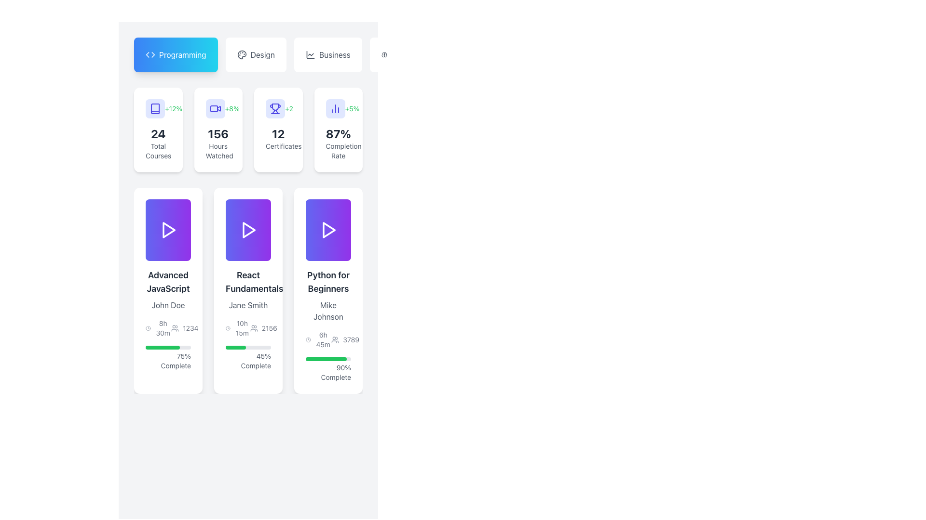 This screenshot has width=926, height=520. Describe the element at coordinates (248, 328) in the screenshot. I see `the numerical details within the Informational display area of the 'React Fundamentals' card, which is positioned below 'Jane Smith' and above the '45% Complete' progress bar` at that location.